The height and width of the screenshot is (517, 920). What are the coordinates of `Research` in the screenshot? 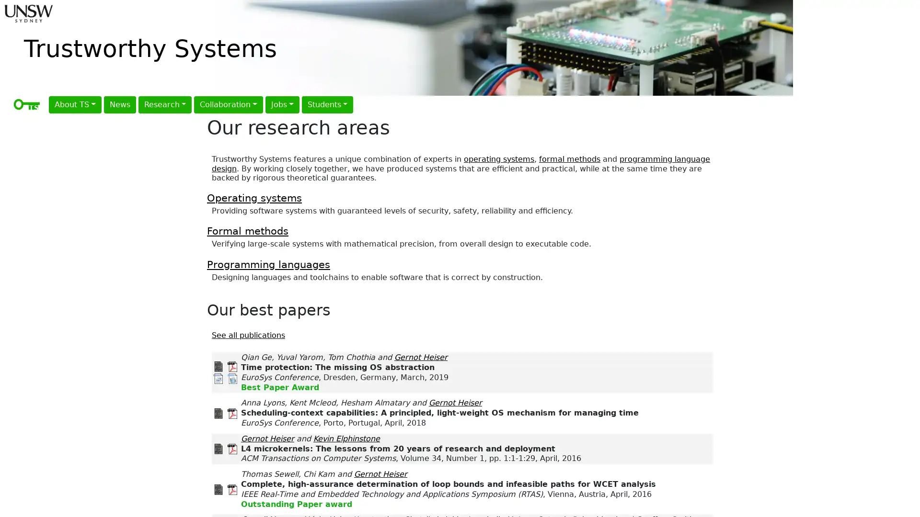 It's located at (165, 104).